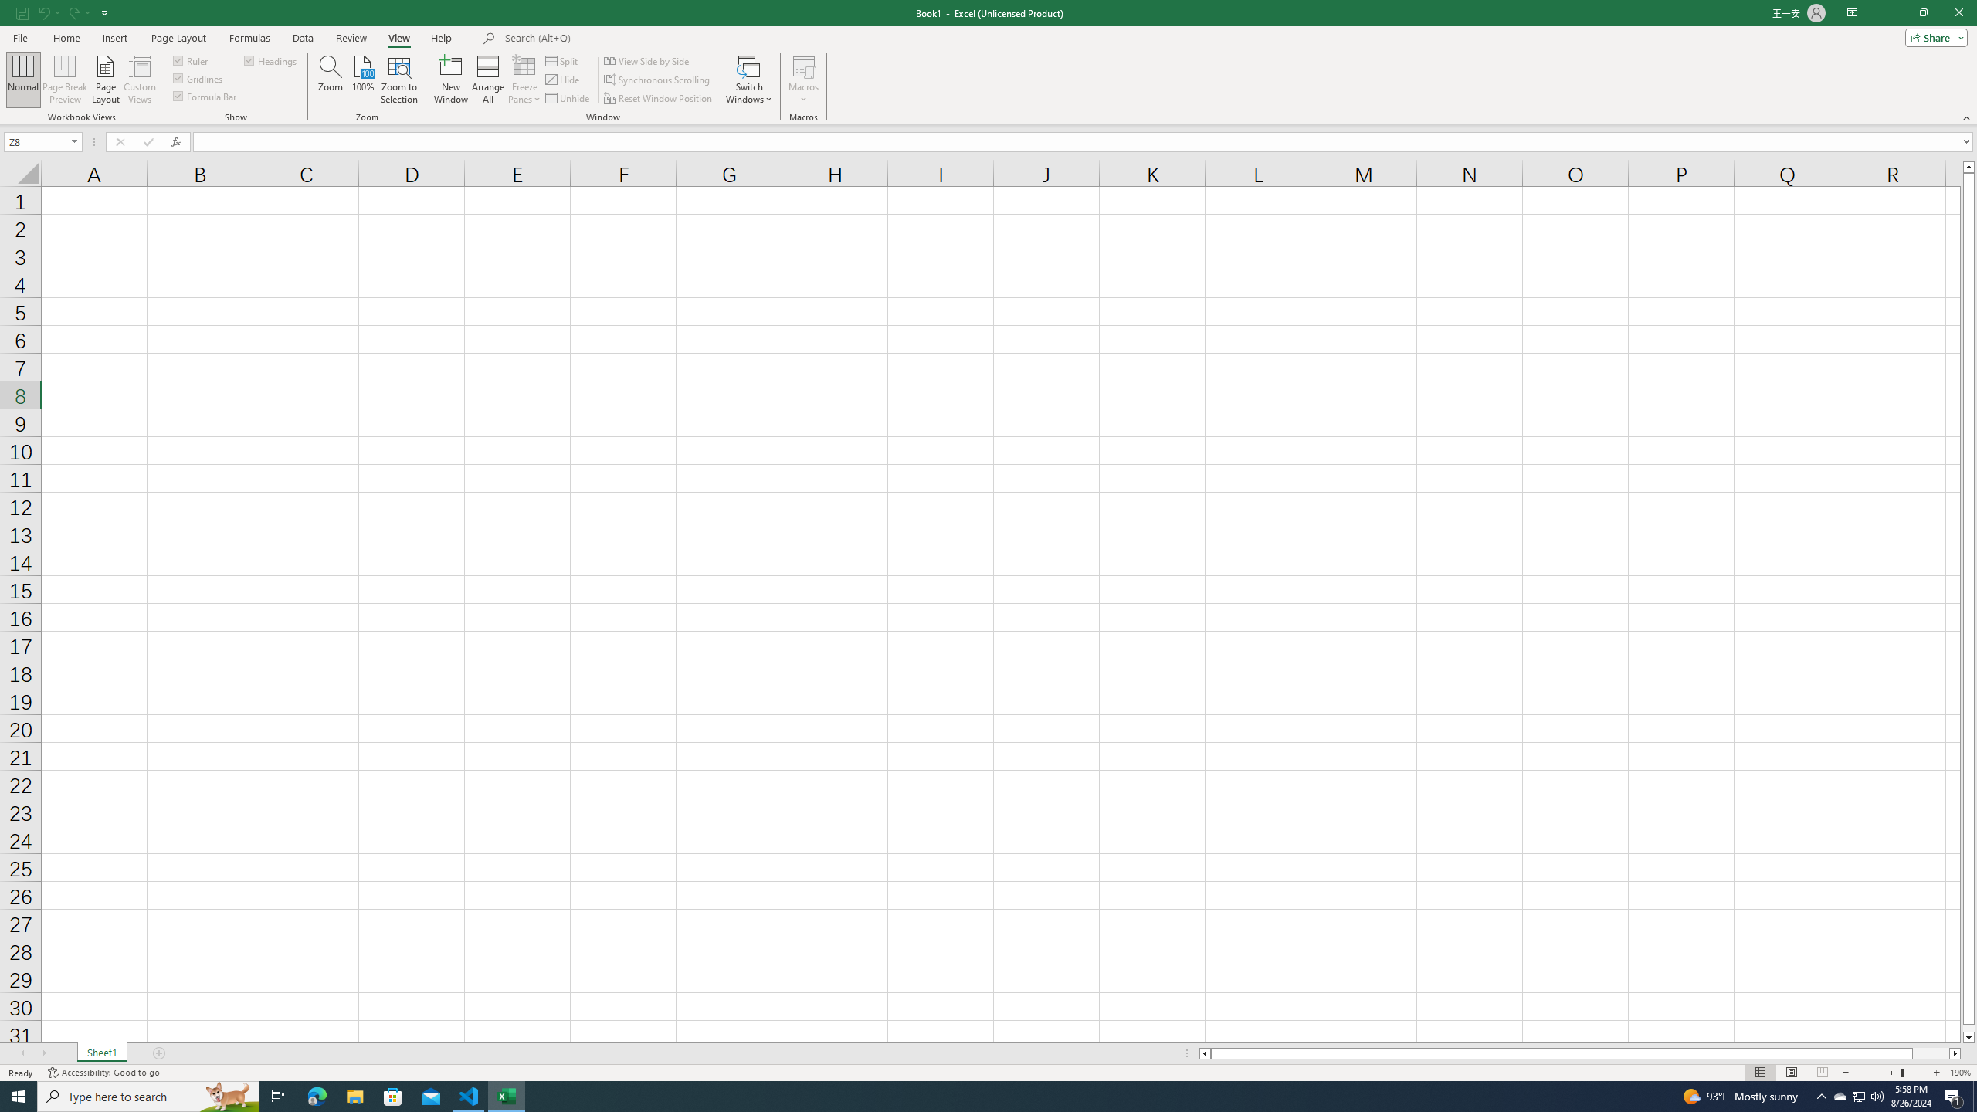 Image resolution: width=1977 pixels, height=1112 pixels. What do you see at coordinates (988, 62) in the screenshot?
I see `'Class: MsoCommandBar'` at bounding box center [988, 62].